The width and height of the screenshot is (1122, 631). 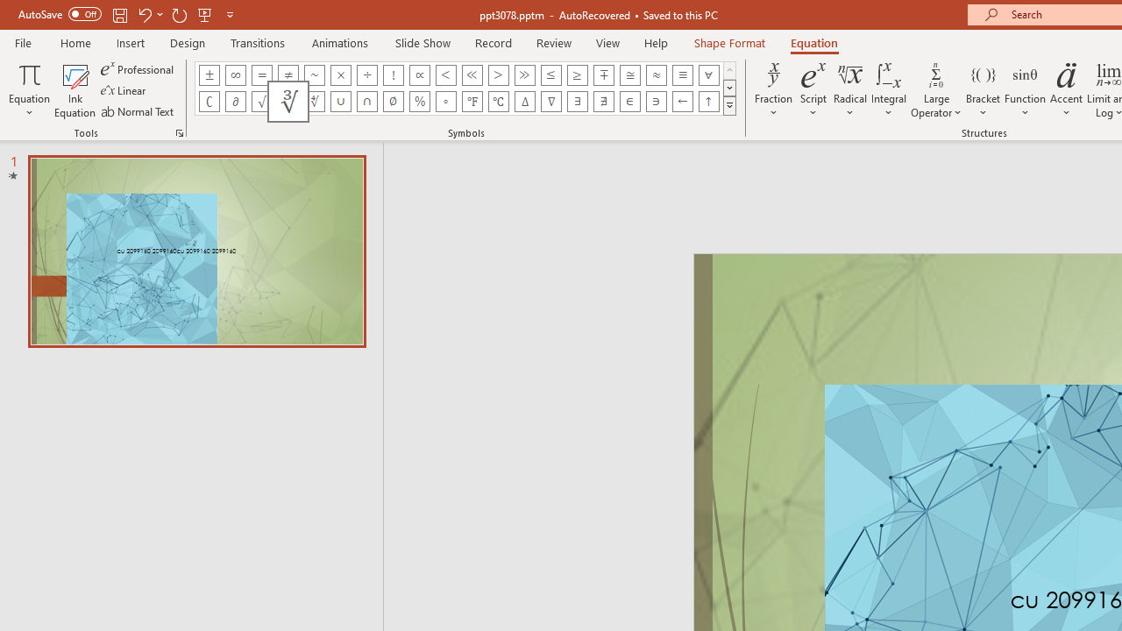 I want to click on 'Equation Symbol Nabla', so click(x=550, y=101).